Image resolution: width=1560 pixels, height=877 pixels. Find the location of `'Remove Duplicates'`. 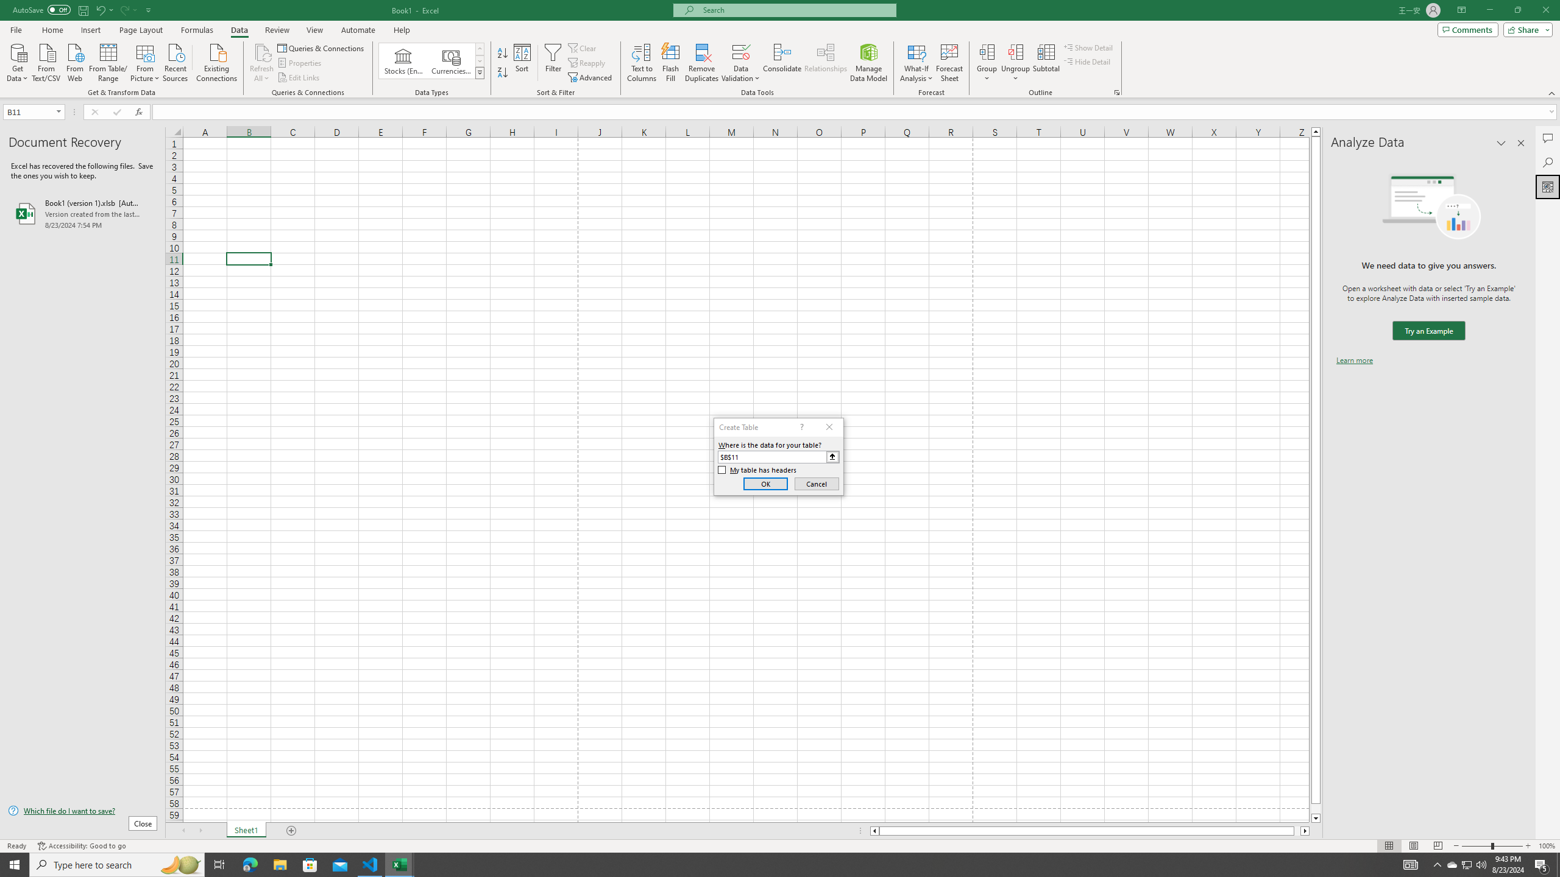

'Remove Duplicates' is located at coordinates (701, 63).